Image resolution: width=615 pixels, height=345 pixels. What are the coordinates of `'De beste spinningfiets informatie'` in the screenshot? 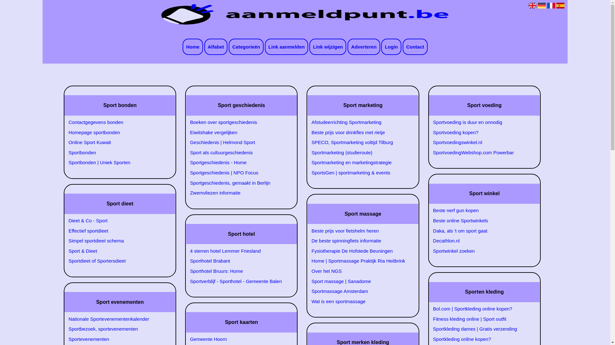 It's located at (308, 241).